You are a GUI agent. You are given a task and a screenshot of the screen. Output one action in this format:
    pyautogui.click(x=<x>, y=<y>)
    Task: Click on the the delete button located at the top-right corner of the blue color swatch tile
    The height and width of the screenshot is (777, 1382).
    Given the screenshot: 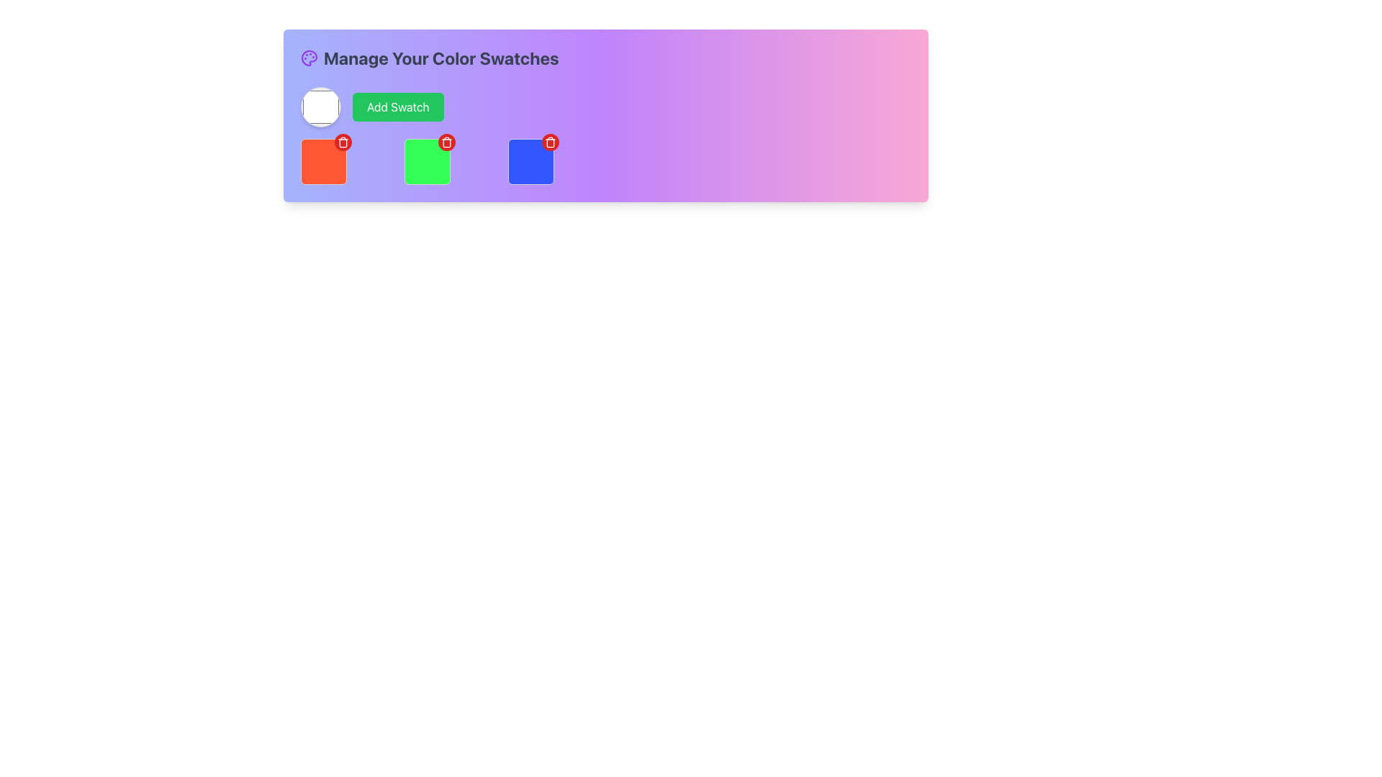 What is the action you would take?
    pyautogui.click(x=549, y=142)
    